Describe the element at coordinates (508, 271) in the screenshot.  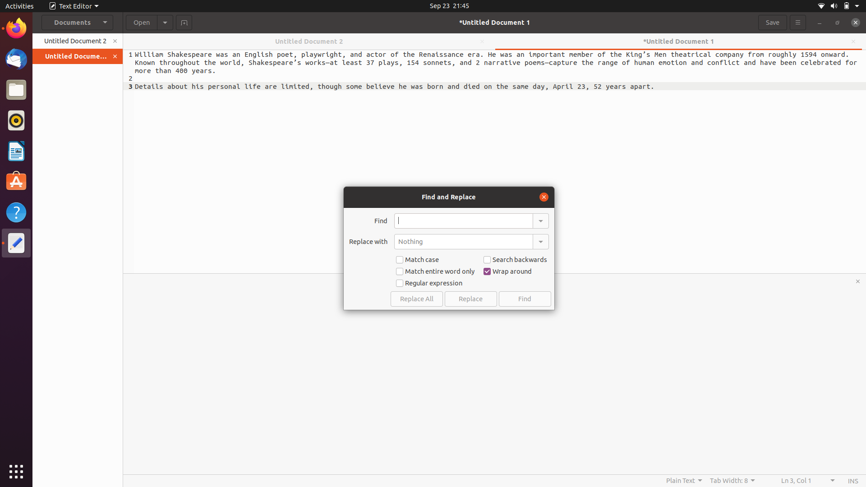
I see `Remove the checked box - wrap around on the find replace bar` at that location.